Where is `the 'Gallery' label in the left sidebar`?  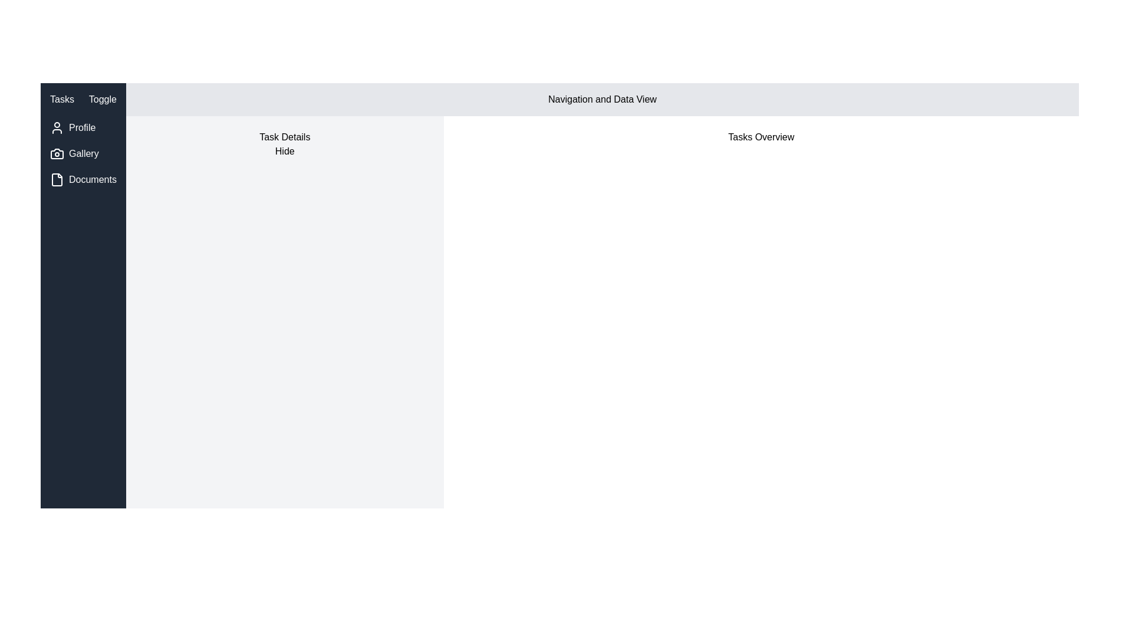
the 'Gallery' label in the left sidebar is located at coordinates (83, 153).